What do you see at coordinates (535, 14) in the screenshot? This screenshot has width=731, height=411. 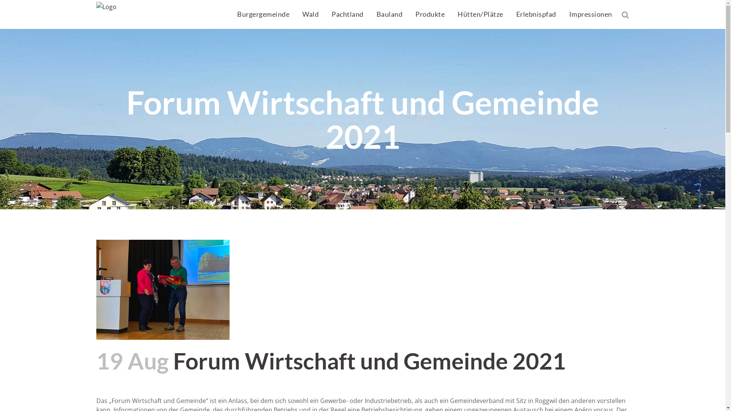 I see `'Erlebnispfad'` at bounding box center [535, 14].